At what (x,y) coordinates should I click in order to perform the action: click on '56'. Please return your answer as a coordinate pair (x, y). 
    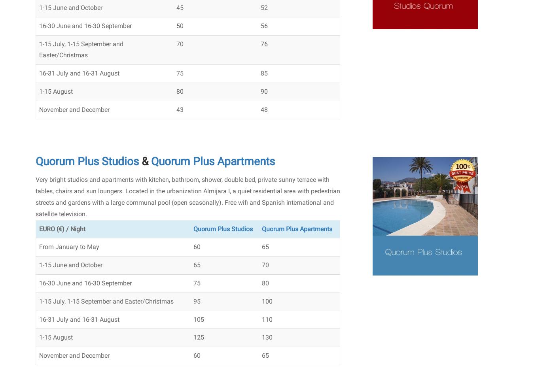
    Looking at the image, I should click on (260, 25).